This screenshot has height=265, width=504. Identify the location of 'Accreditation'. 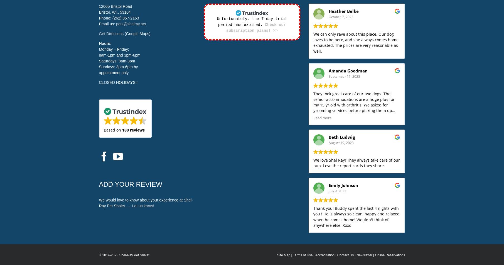
(324, 255).